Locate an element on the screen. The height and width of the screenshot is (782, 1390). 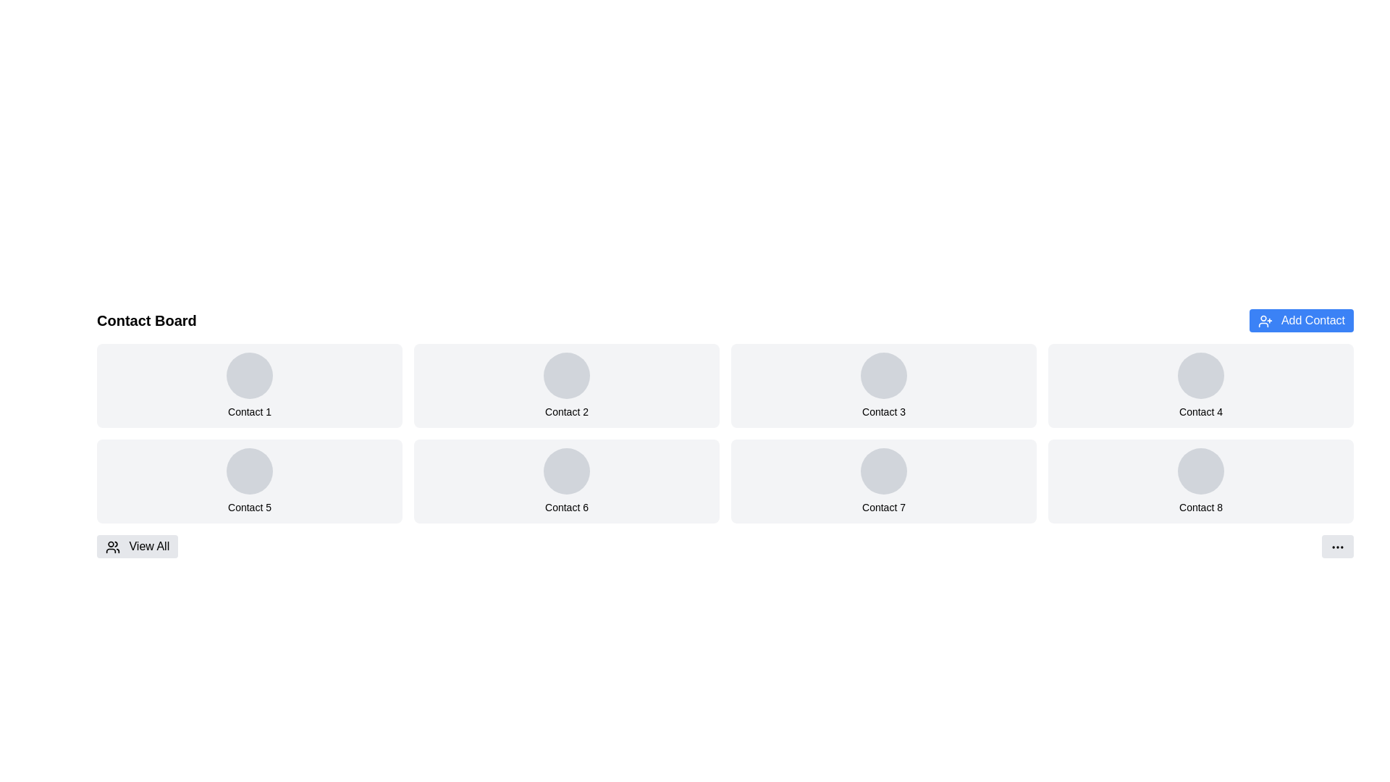
the Ellipsis Icon located at the bottom-right corner of the interface is located at coordinates (1337, 547).